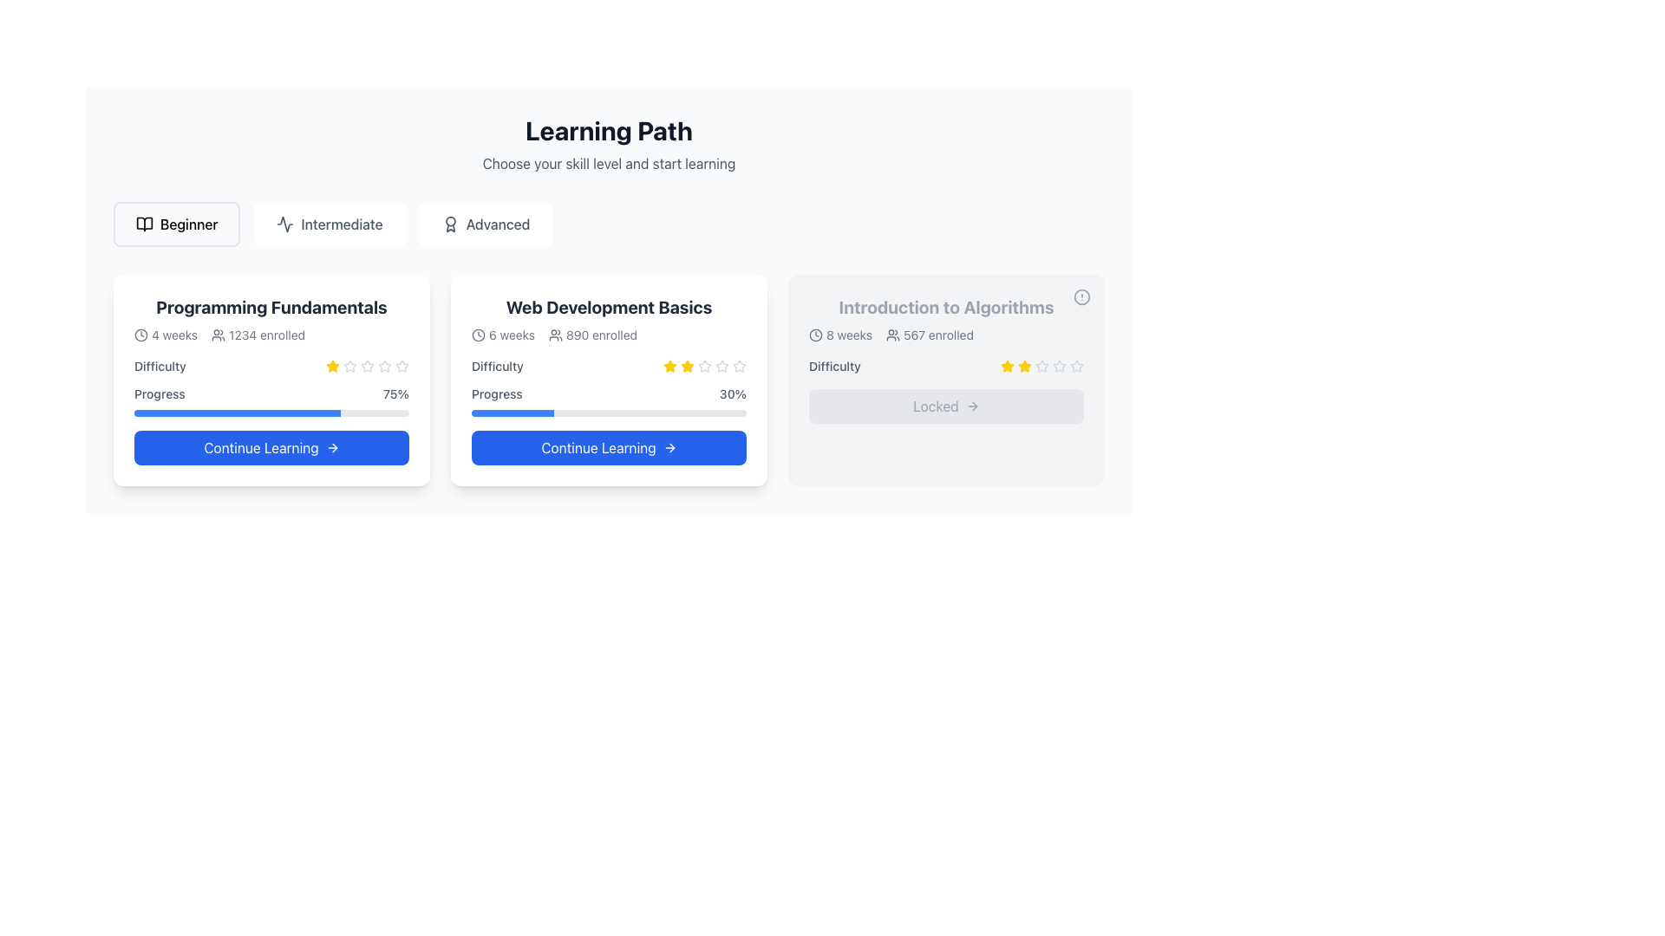 This screenshot has width=1665, height=936. What do you see at coordinates (271, 400) in the screenshot?
I see `the progress state of the Progress bar located within the 'Programming Fundamentals' card, positioned below the 'Difficulty' row and above the 'Continue Learning' button` at bounding box center [271, 400].